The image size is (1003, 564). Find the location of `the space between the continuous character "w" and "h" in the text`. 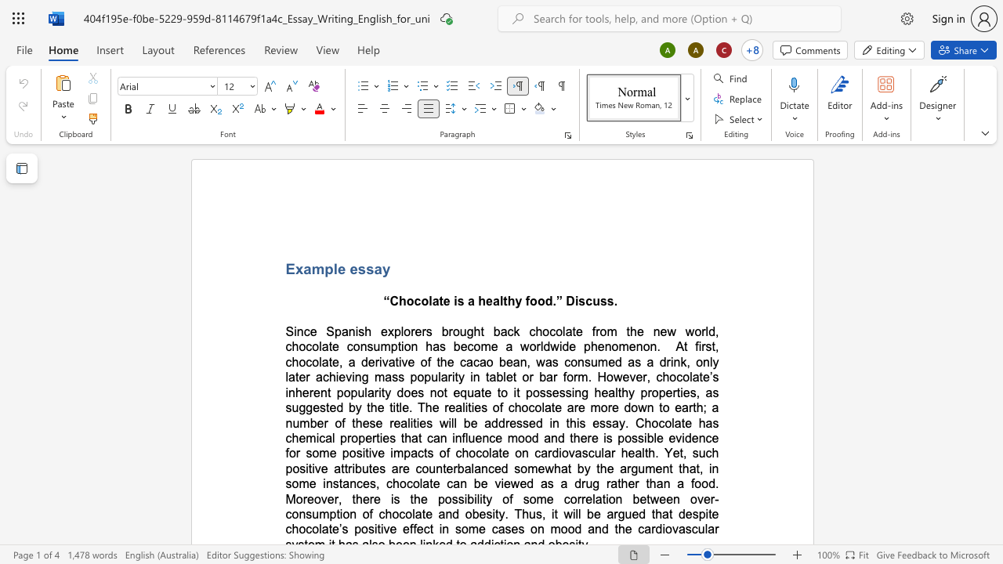

the space between the continuous character "w" and "h" in the text is located at coordinates (553, 468).